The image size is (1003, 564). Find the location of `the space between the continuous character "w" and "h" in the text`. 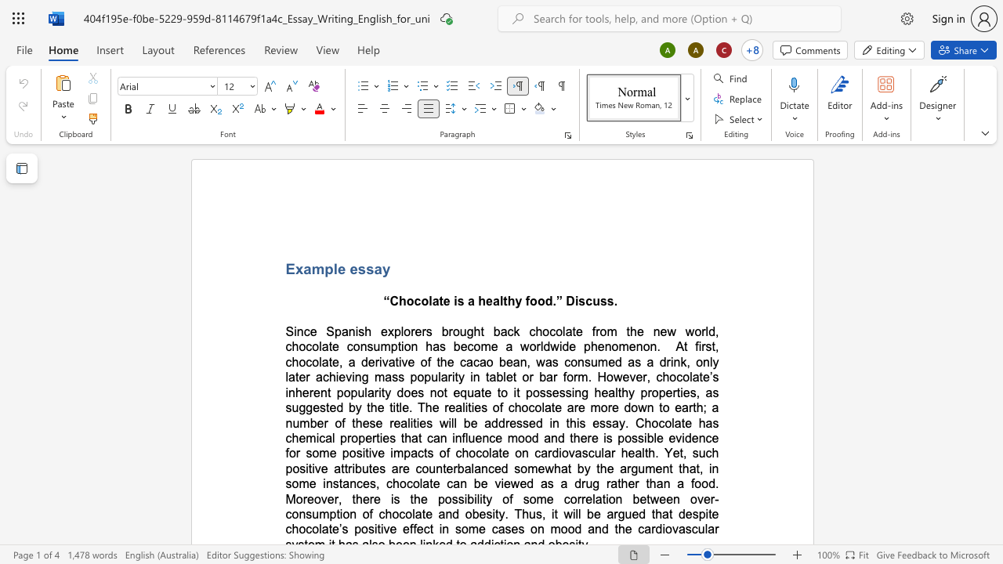

the space between the continuous character "w" and "h" in the text is located at coordinates (553, 468).